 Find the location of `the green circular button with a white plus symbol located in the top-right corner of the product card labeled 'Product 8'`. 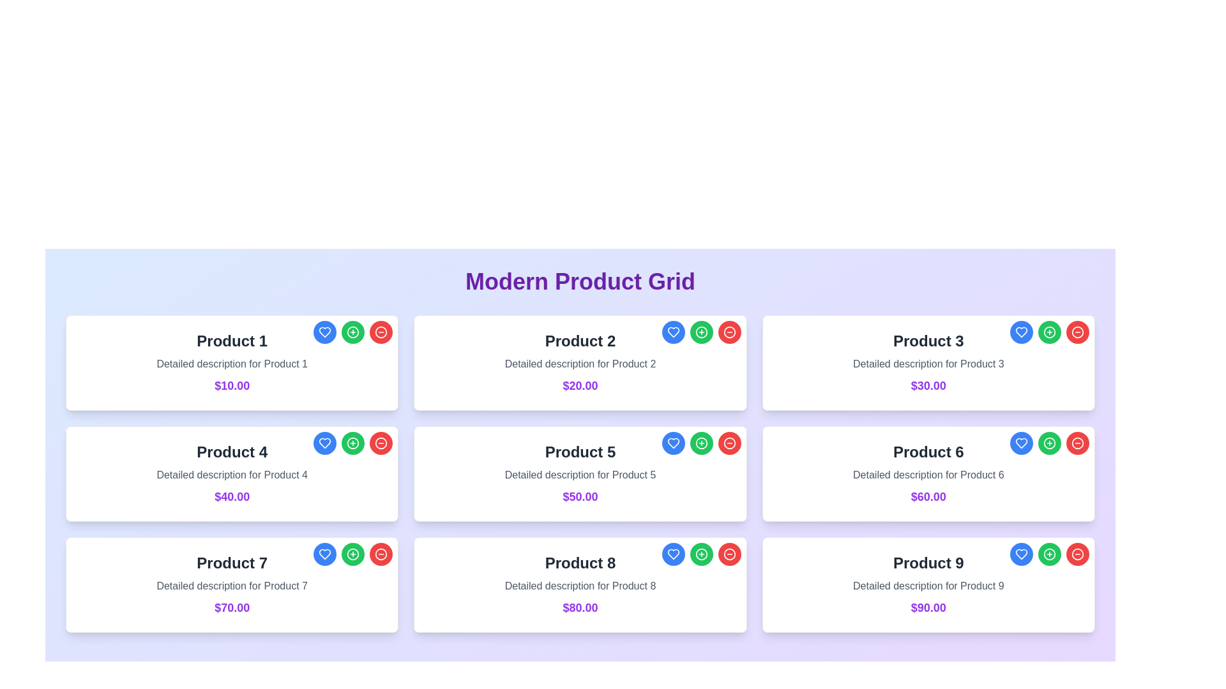

the green circular button with a white plus symbol located in the top-right corner of the product card labeled 'Product 8' is located at coordinates (700, 553).